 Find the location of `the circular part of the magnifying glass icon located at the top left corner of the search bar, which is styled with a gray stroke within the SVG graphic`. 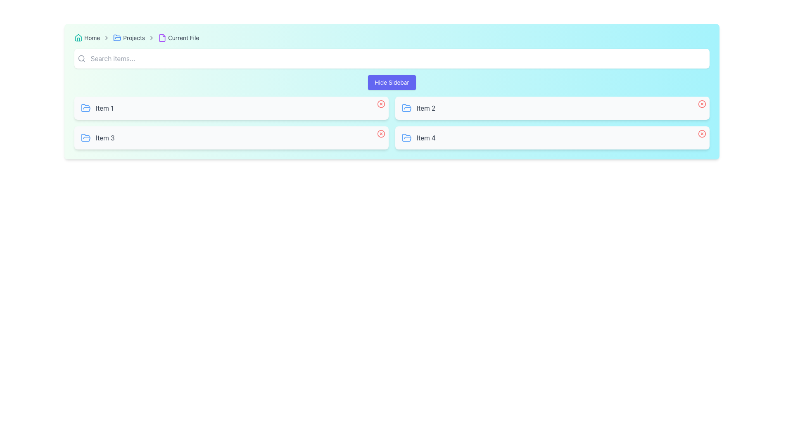

the circular part of the magnifying glass icon located at the top left corner of the search bar, which is styled with a gray stroke within the SVG graphic is located at coordinates (81, 58).